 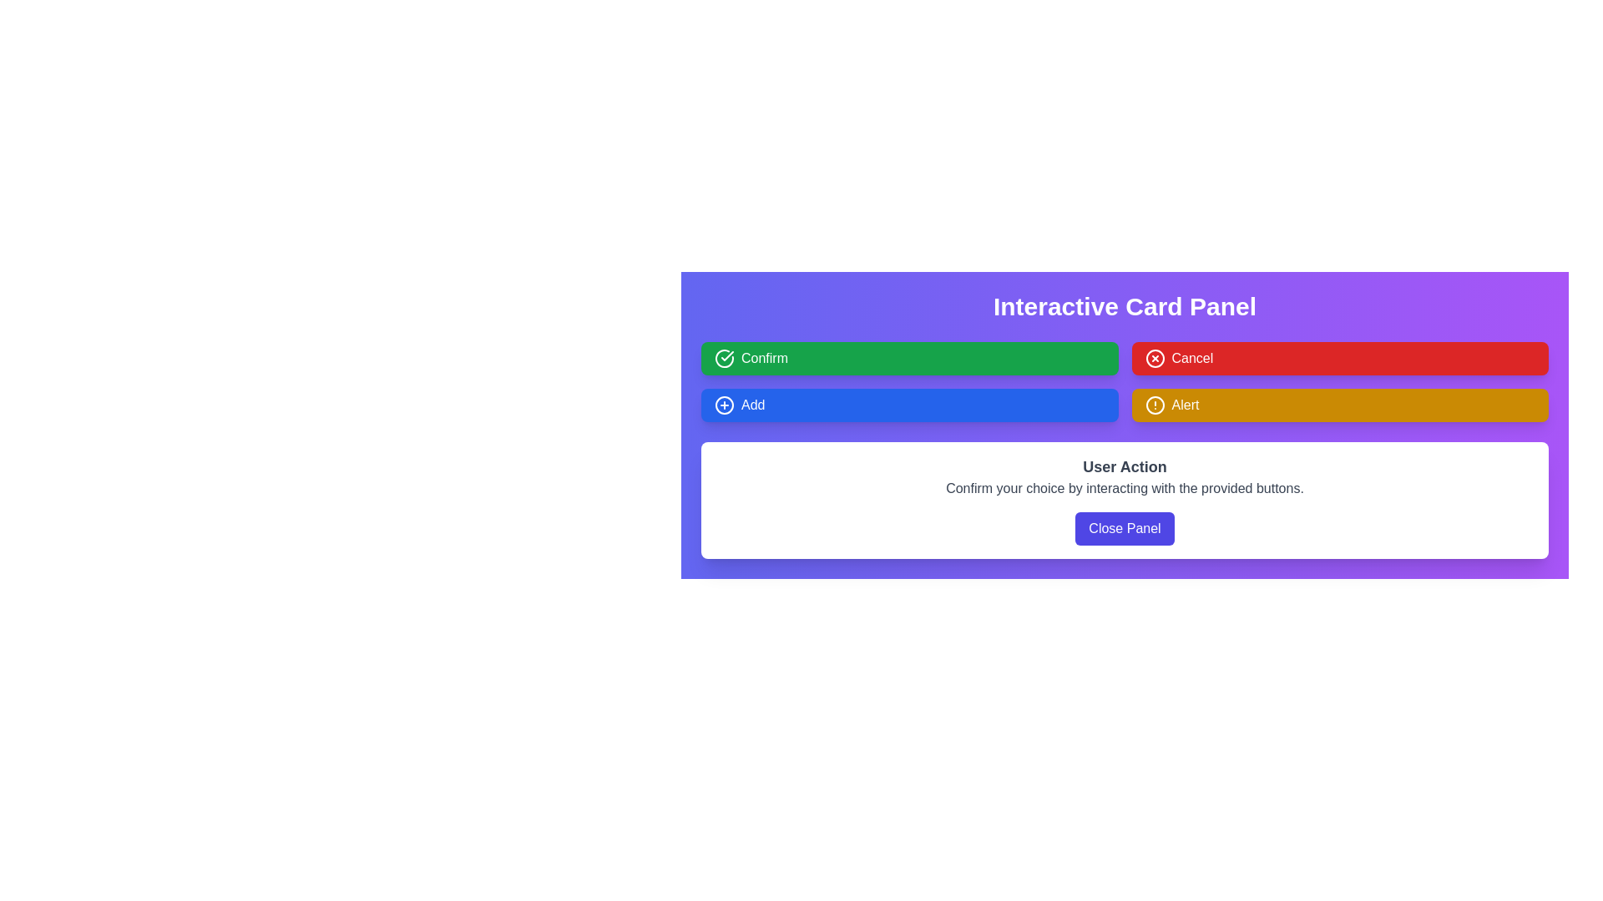 I want to click on the 'Cancel' button in the 'Interactive Card Panel', so click(x=1154, y=357).